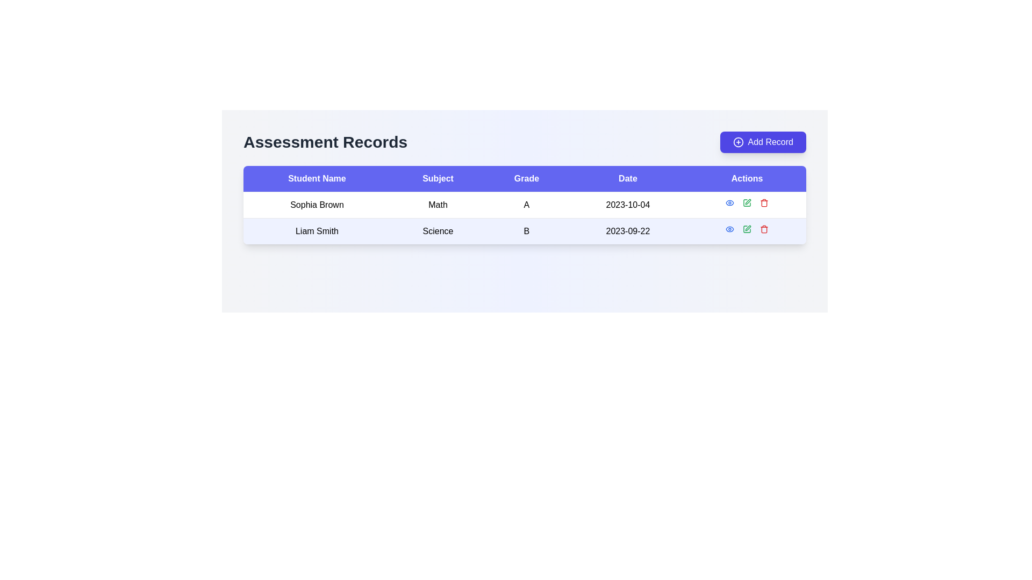 This screenshot has height=580, width=1032. I want to click on the 'Add Record' button with a blue background and white text, so click(762, 142).